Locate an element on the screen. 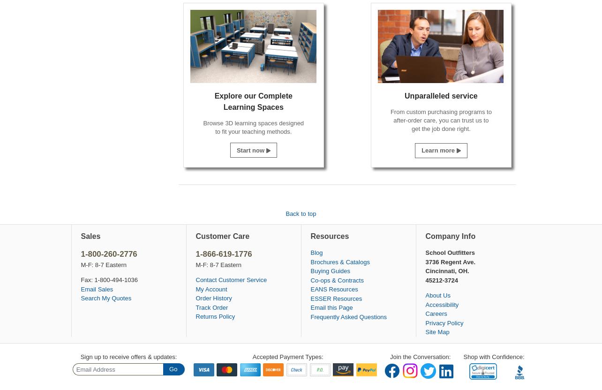 Image resolution: width=602 pixels, height=390 pixels. 'Unparalleled service' is located at coordinates (440, 96).